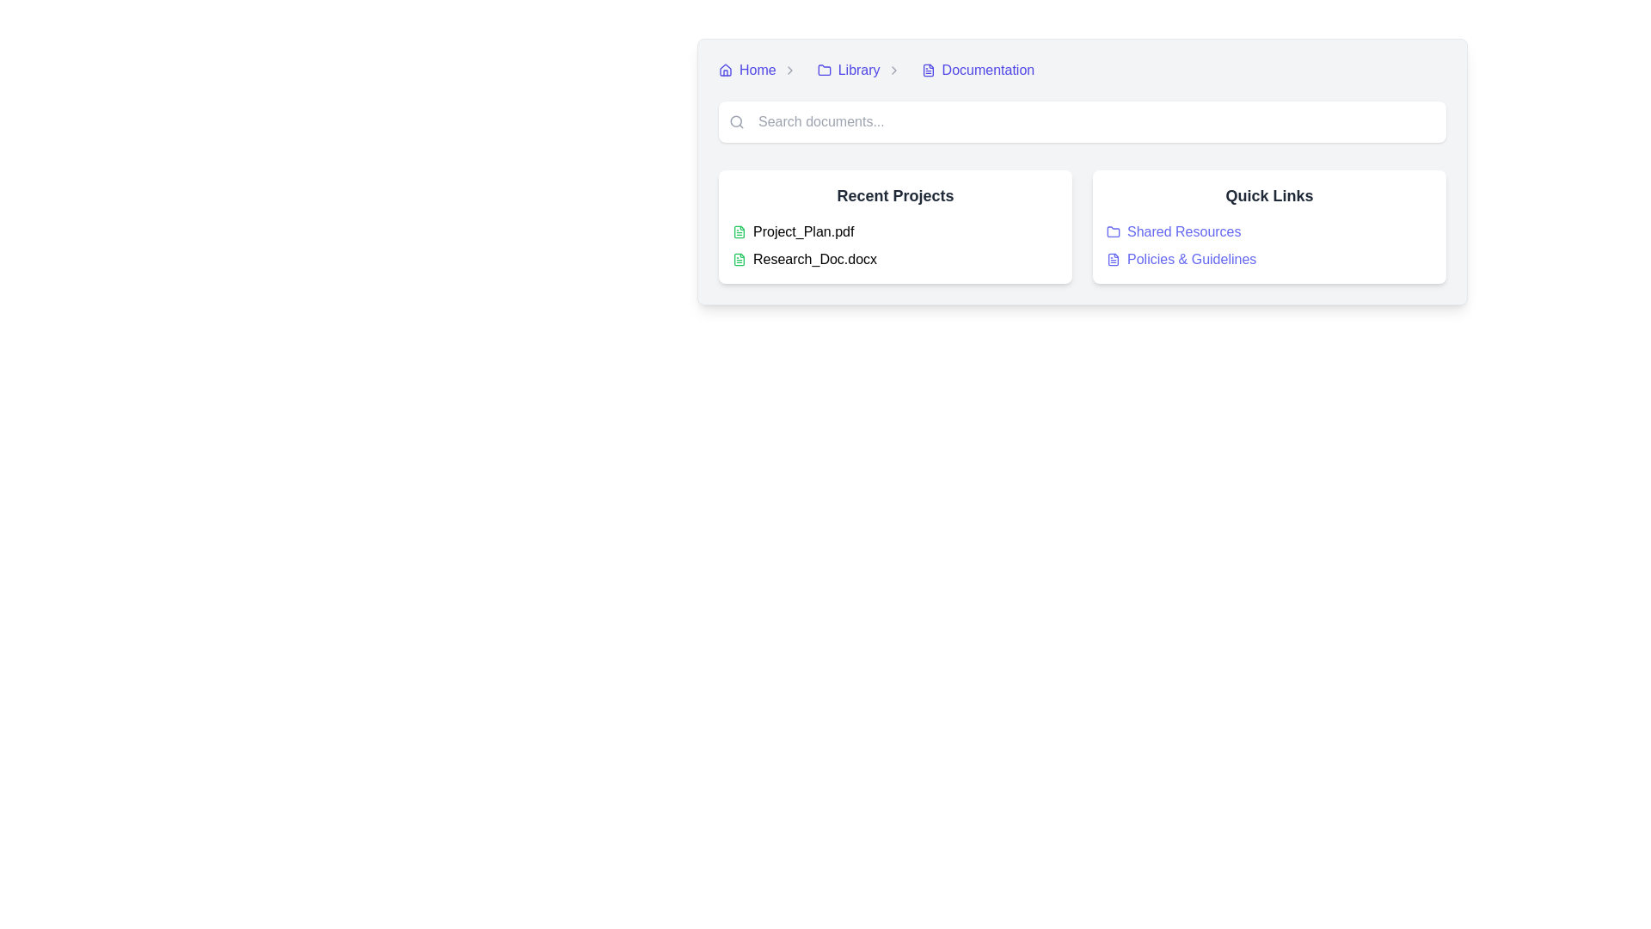  What do you see at coordinates (927, 69) in the screenshot?
I see `the documentation icon located in the navigation toolbar, which is the third icon after 'Home' and 'Library'` at bounding box center [927, 69].